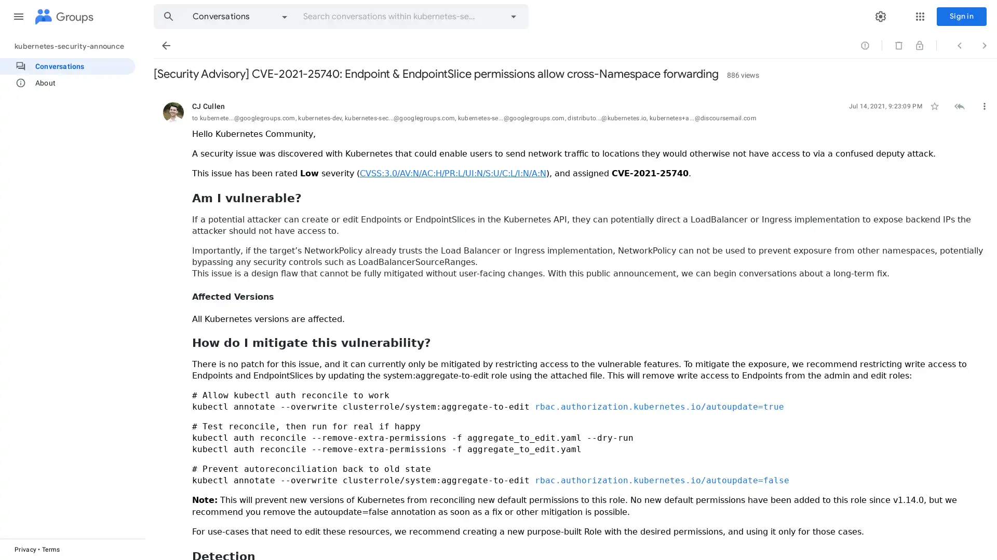 This screenshot has width=997, height=560. Describe the element at coordinates (959, 106) in the screenshot. I see `Sign in to reply` at that location.